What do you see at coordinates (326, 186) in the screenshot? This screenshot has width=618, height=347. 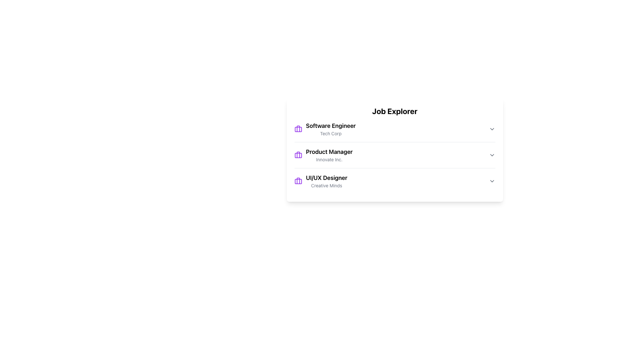 I see `text label 'Creative Minds', which is styled in a small gray font and located below the 'UI/UX Designer' label in the Job Explorer section` at bounding box center [326, 186].